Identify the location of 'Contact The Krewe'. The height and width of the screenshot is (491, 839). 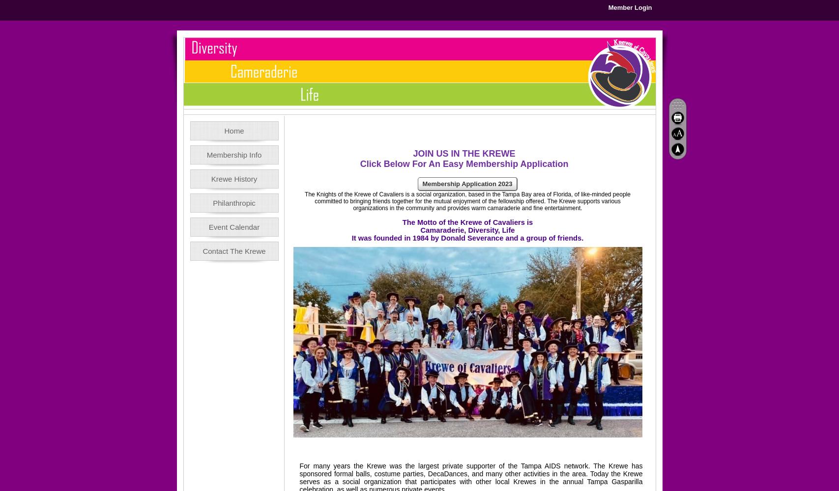
(234, 251).